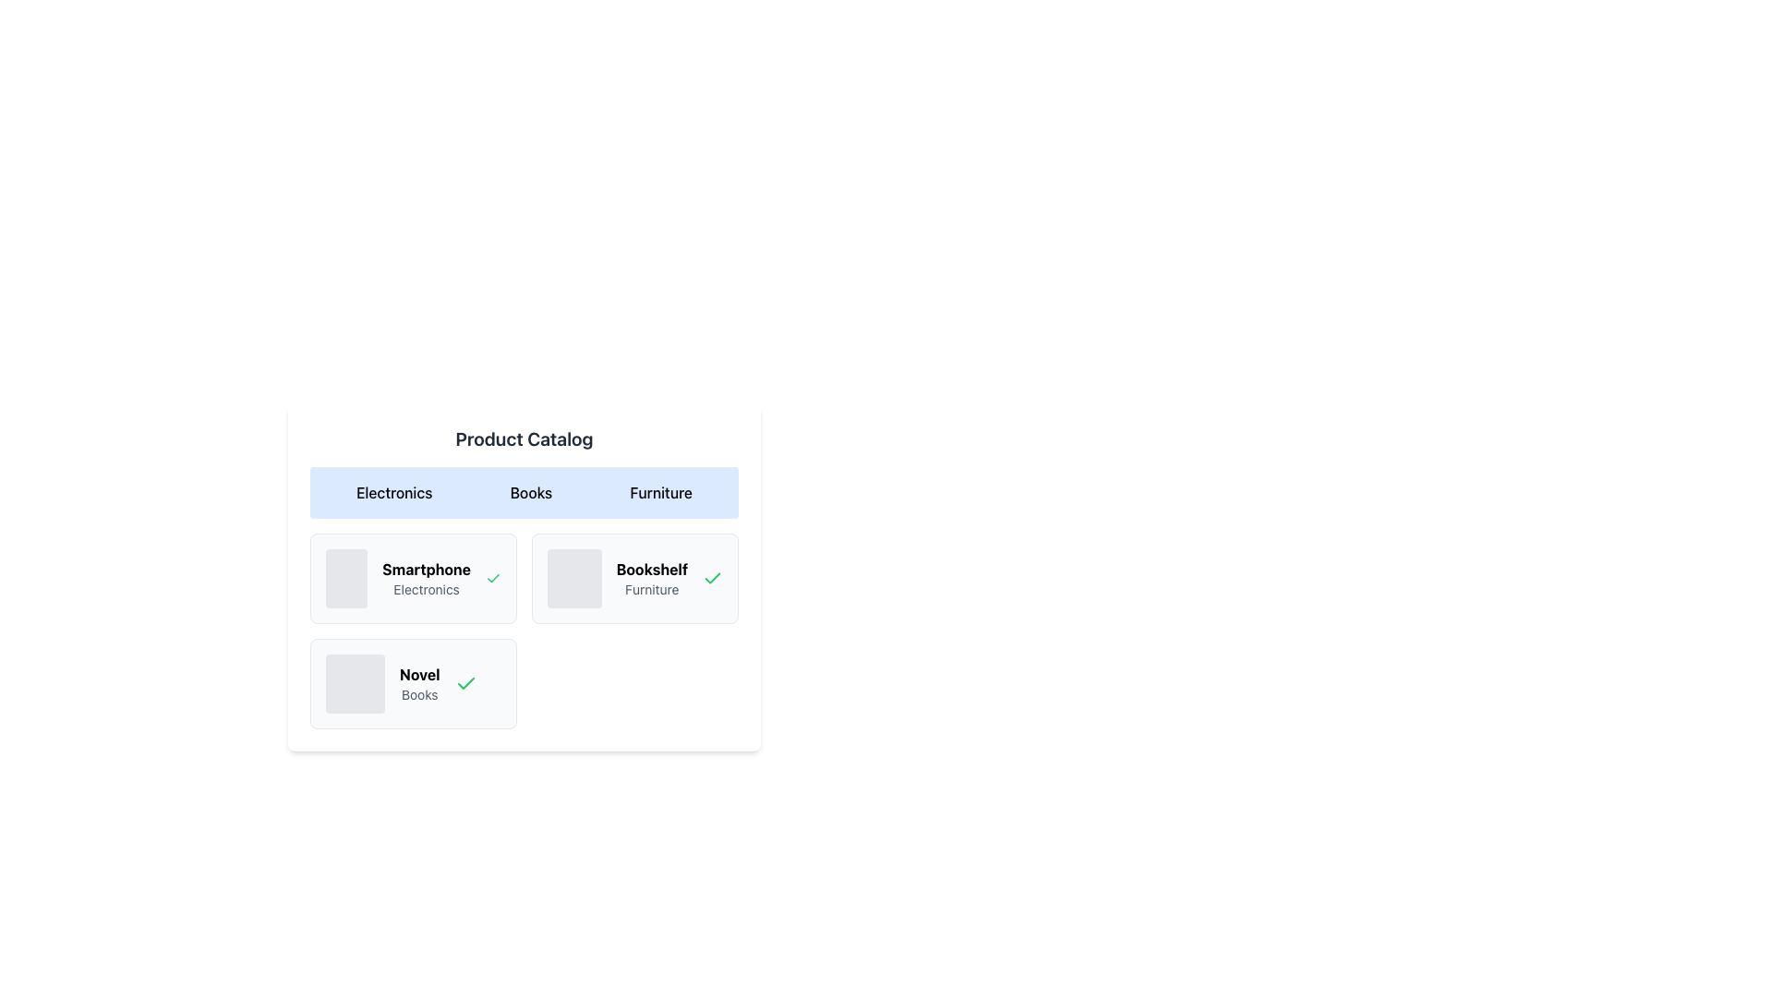 This screenshot has width=1773, height=997. I want to click on the Interactive card identified by its light gray background, bold black text 'Novel', smaller gray text 'Books', and a green checkmark icon on the right, located in the bottom-left position of the grid layout in the 'Books' tab section, so click(412, 683).